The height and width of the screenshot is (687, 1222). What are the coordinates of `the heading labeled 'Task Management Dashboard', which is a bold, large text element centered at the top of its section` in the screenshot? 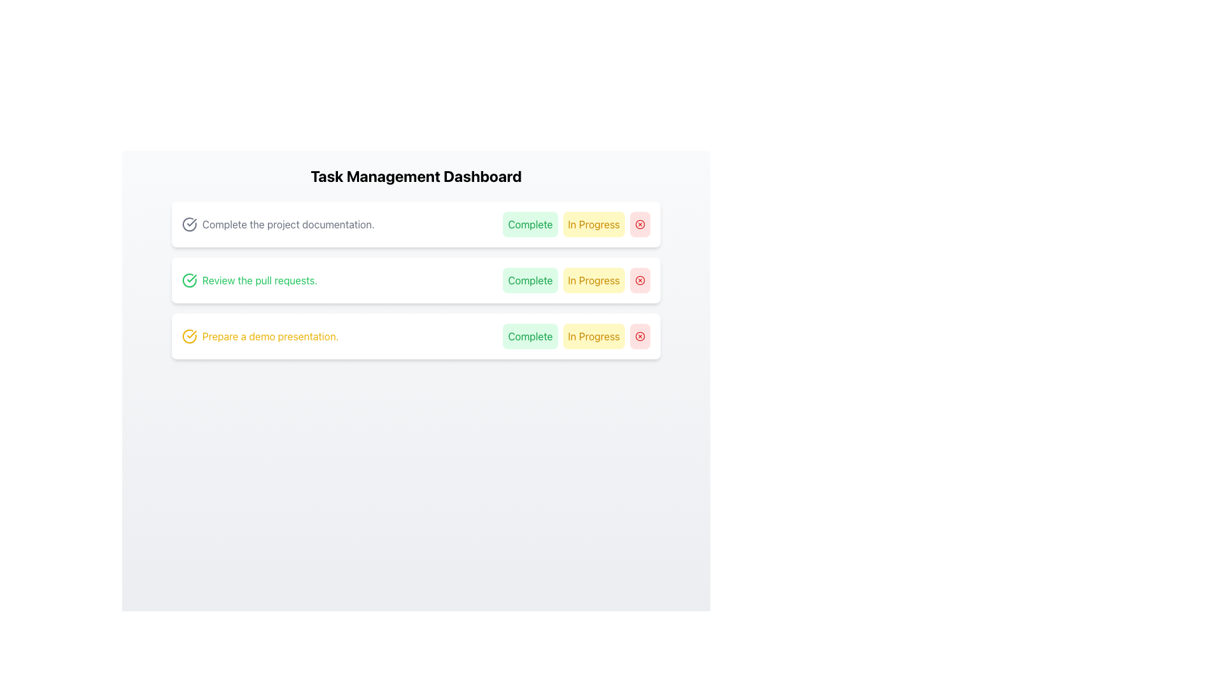 It's located at (416, 176).